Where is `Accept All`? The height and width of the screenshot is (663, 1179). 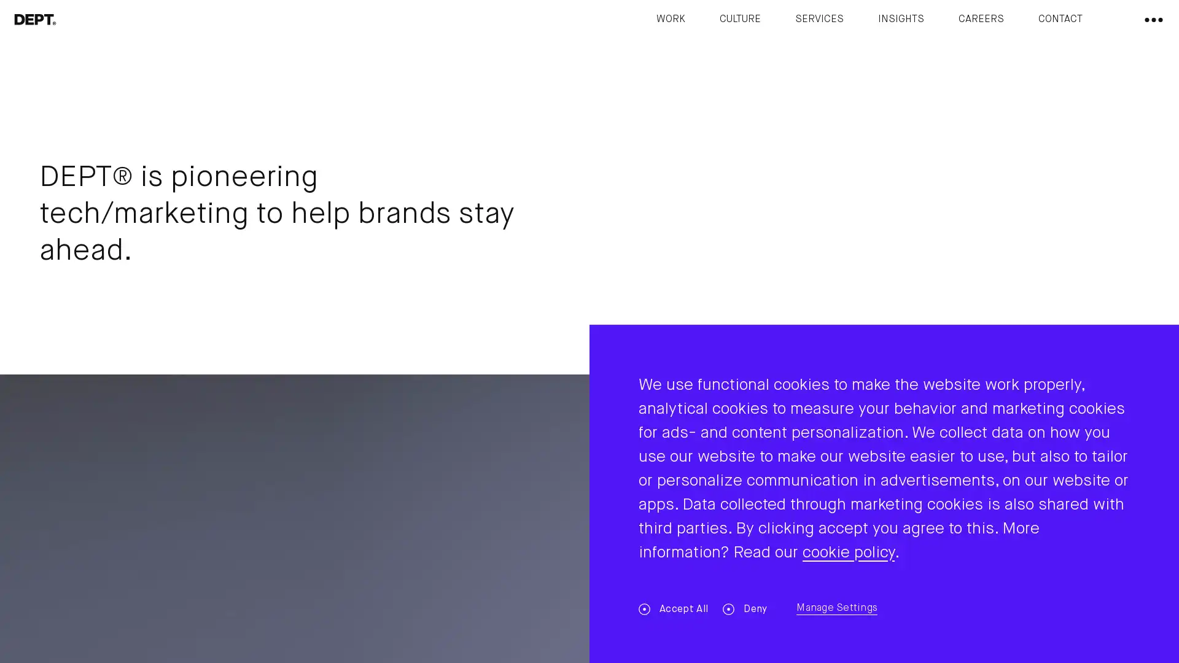 Accept All is located at coordinates (672, 609).